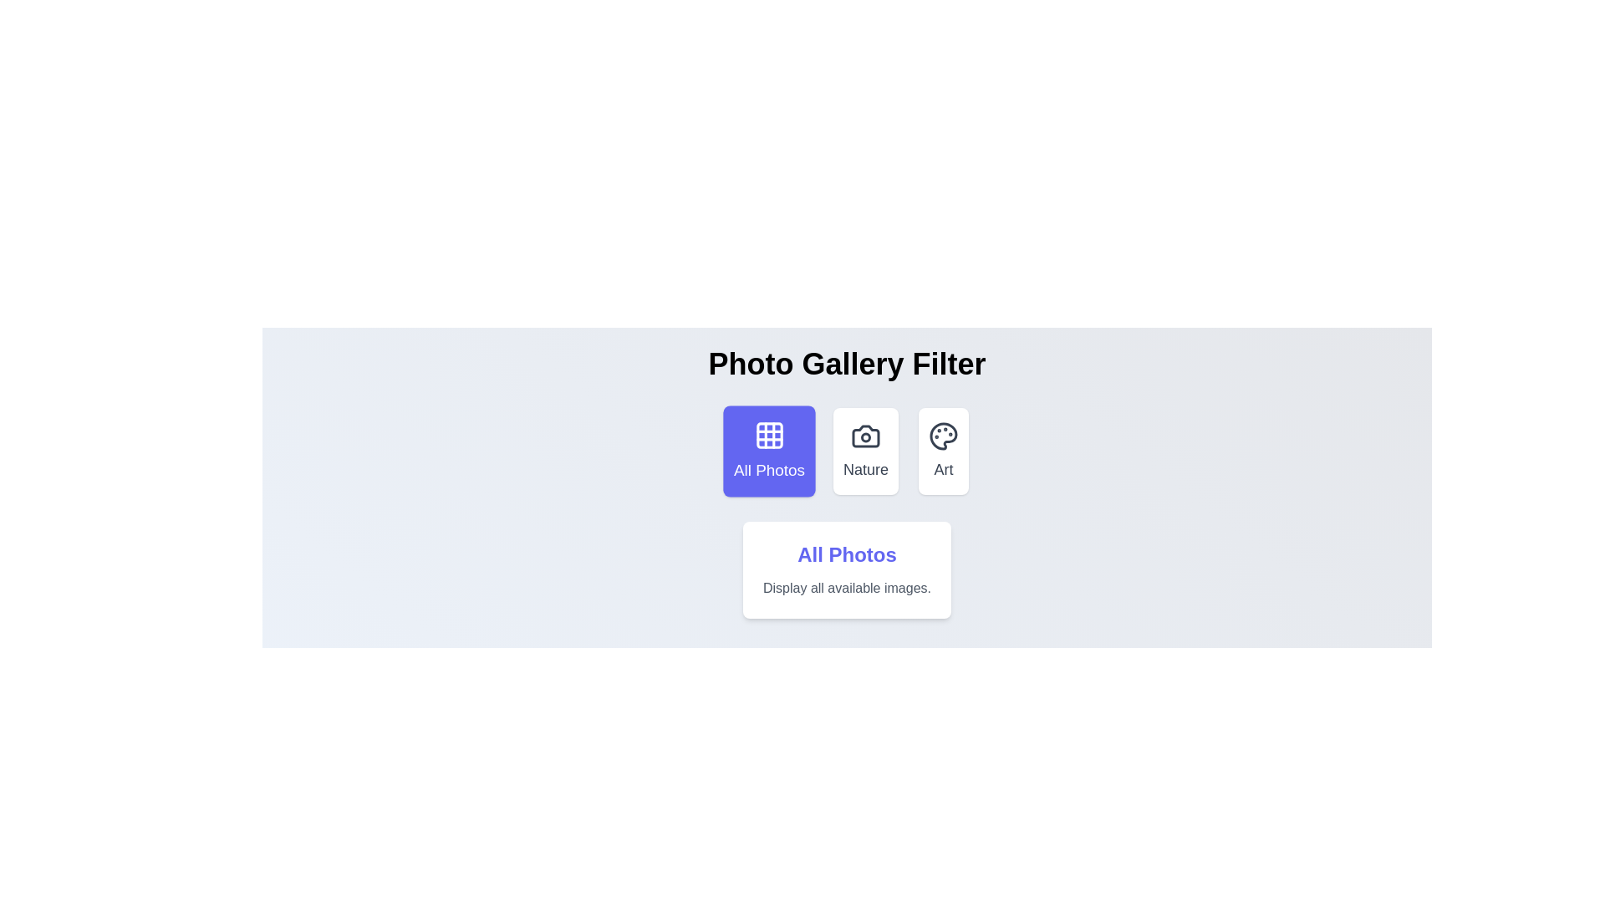  I want to click on the filter button labeled 'Nature' to select the corresponding filter, so click(866, 451).